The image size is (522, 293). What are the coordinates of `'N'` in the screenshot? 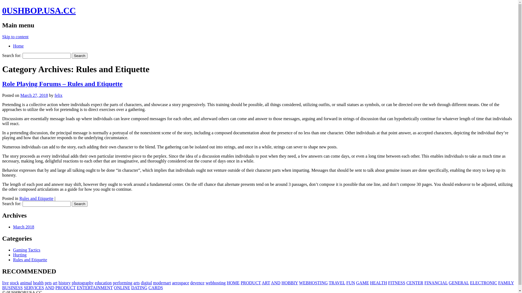 It's located at (323, 282).